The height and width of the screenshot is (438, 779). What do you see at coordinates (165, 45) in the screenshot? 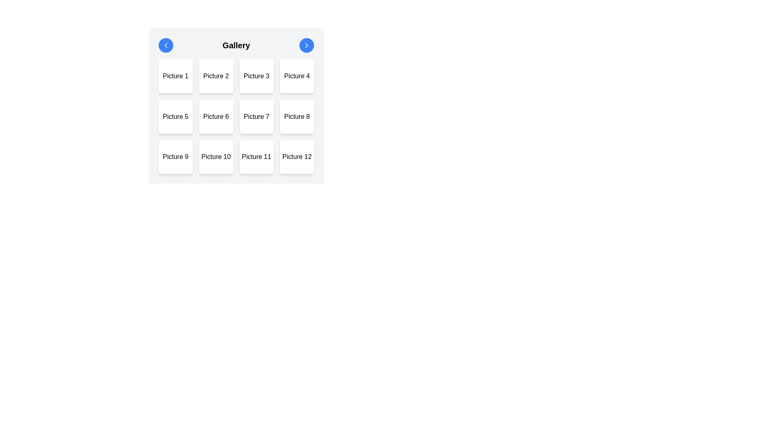
I see `the leftmost button in the 'Gallery' interface` at bounding box center [165, 45].